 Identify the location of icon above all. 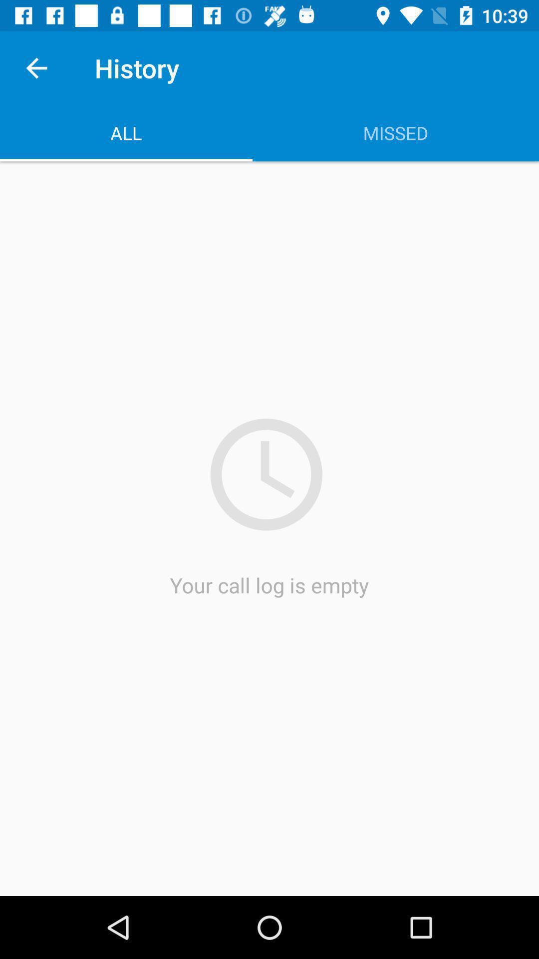
(36, 67).